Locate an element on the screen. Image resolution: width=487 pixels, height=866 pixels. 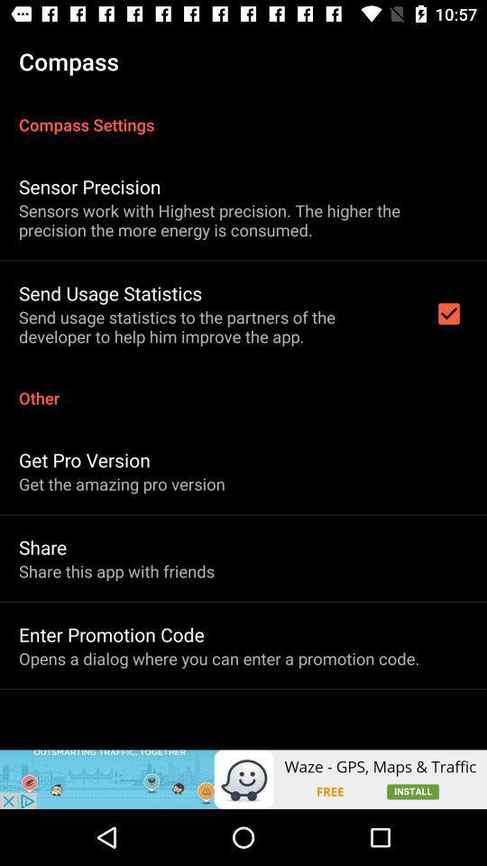
icon below the send usage statistics is located at coordinates (243, 388).